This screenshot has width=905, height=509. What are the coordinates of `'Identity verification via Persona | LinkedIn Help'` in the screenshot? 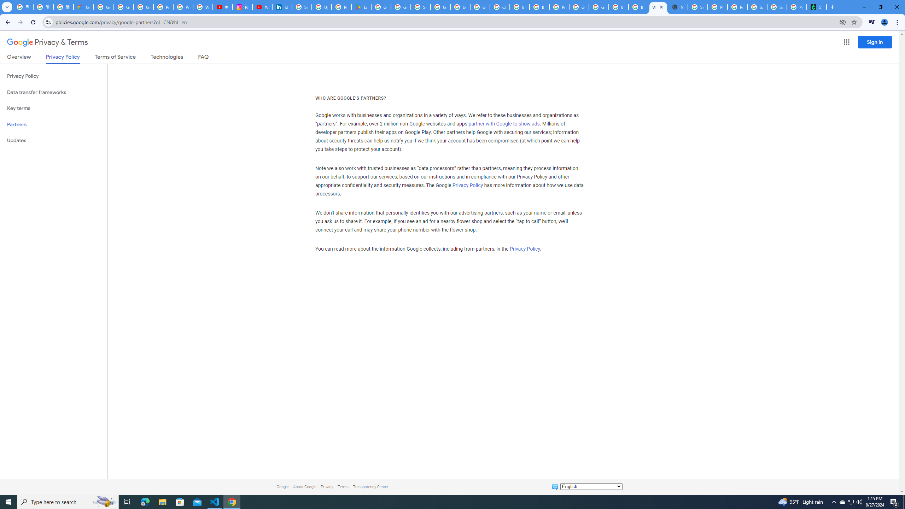 It's located at (281, 7).